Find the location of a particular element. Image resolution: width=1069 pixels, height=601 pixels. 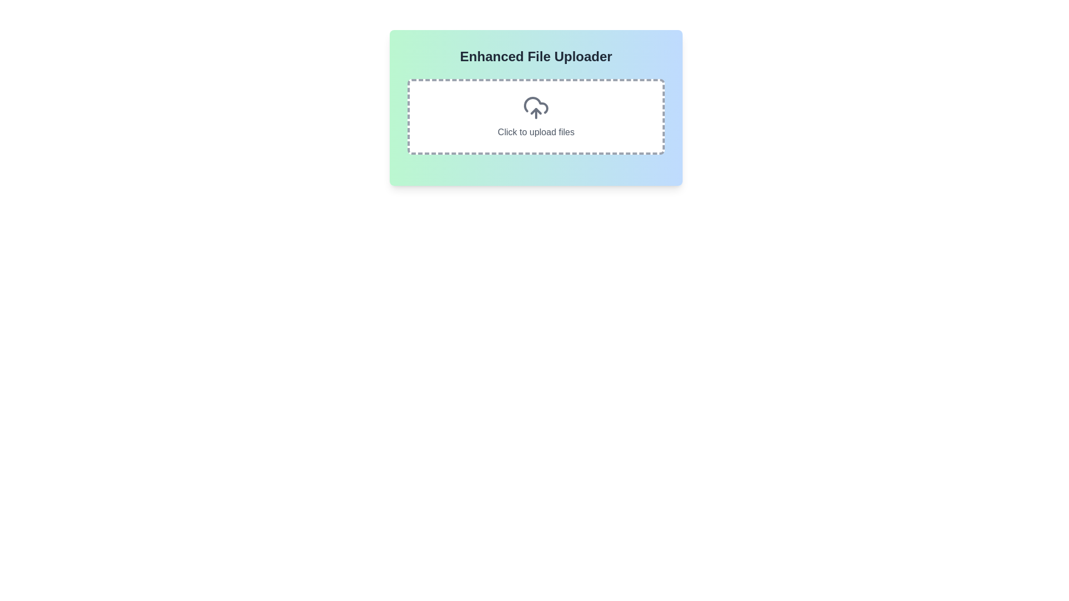

the file upload icon, which is centrally aligned above the 'Click to upload files' text is located at coordinates (536, 107).